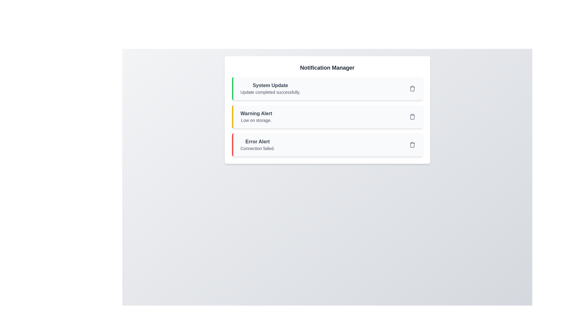 The image size is (587, 330). Describe the element at coordinates (257, 141) in the screenshot. I see `text content of the 'Error Alert' Text Label element, which is prominently displayed in bold font at the top of the notification block indicating a connection failure` at that location.